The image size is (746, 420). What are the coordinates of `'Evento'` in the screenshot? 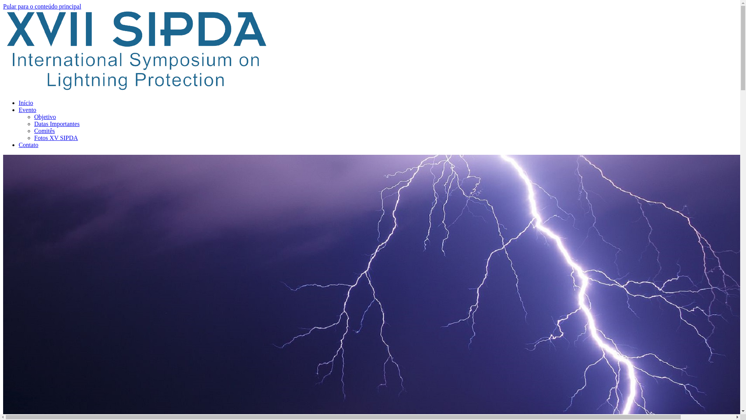 It's located at (27, 110).